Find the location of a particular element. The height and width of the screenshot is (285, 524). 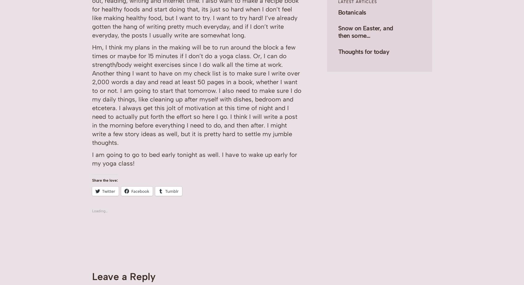

'Snow on Easter, and then some…' is located at coordinates (365, 32).